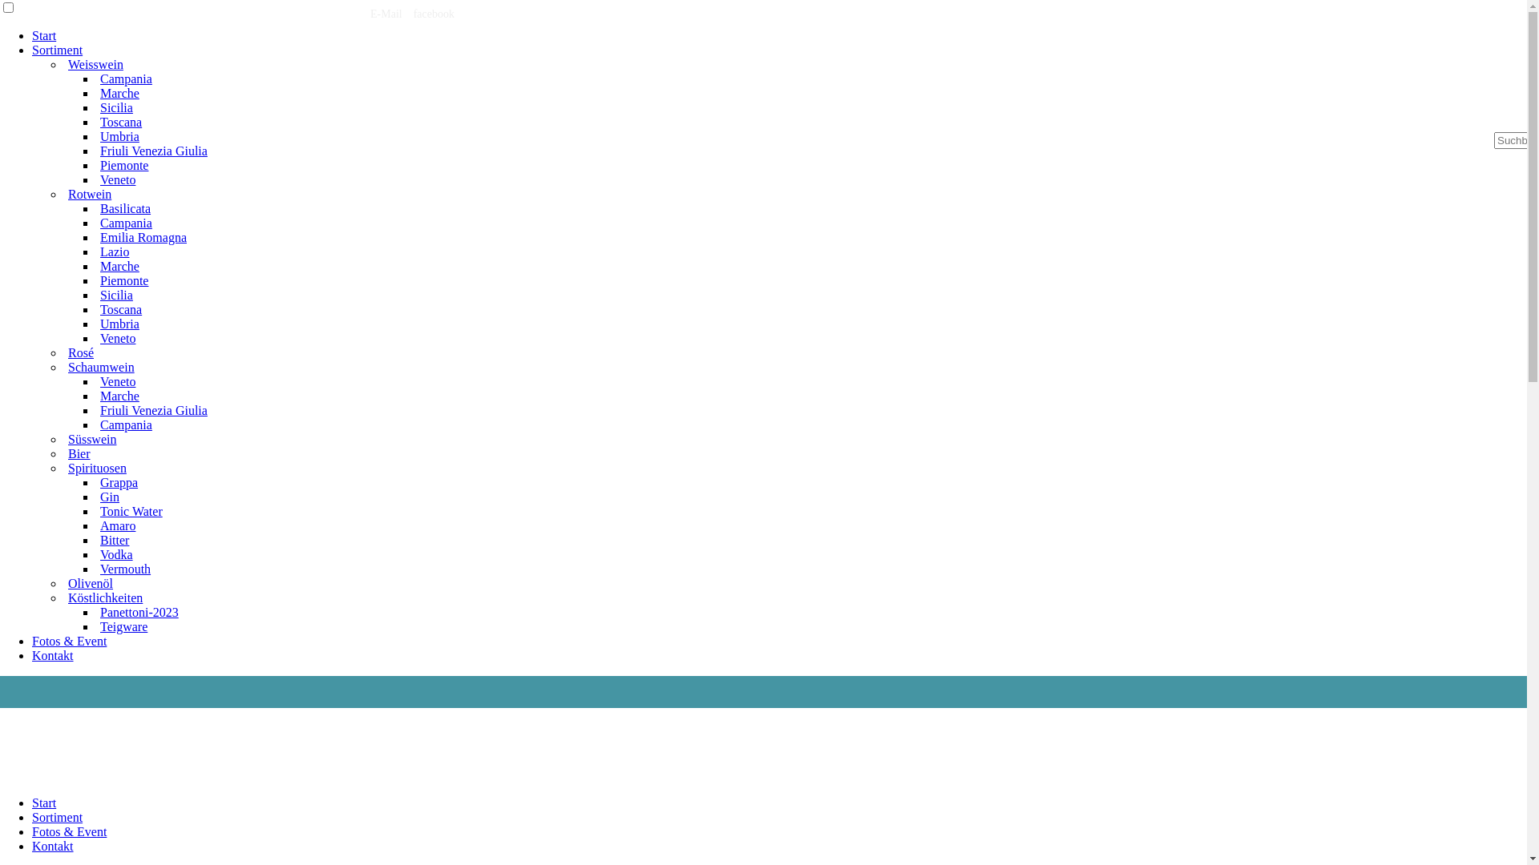 This screenshot has width=1539, height=865. Describe the element at coordinates (117, 525) in the screenshot. I see `'Amaro'` at that location.